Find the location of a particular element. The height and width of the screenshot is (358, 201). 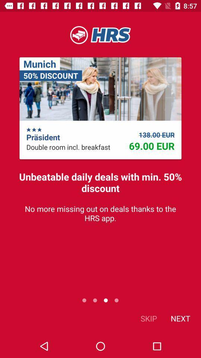

icon to the left of the next icon is located at coordinates (149, 318).